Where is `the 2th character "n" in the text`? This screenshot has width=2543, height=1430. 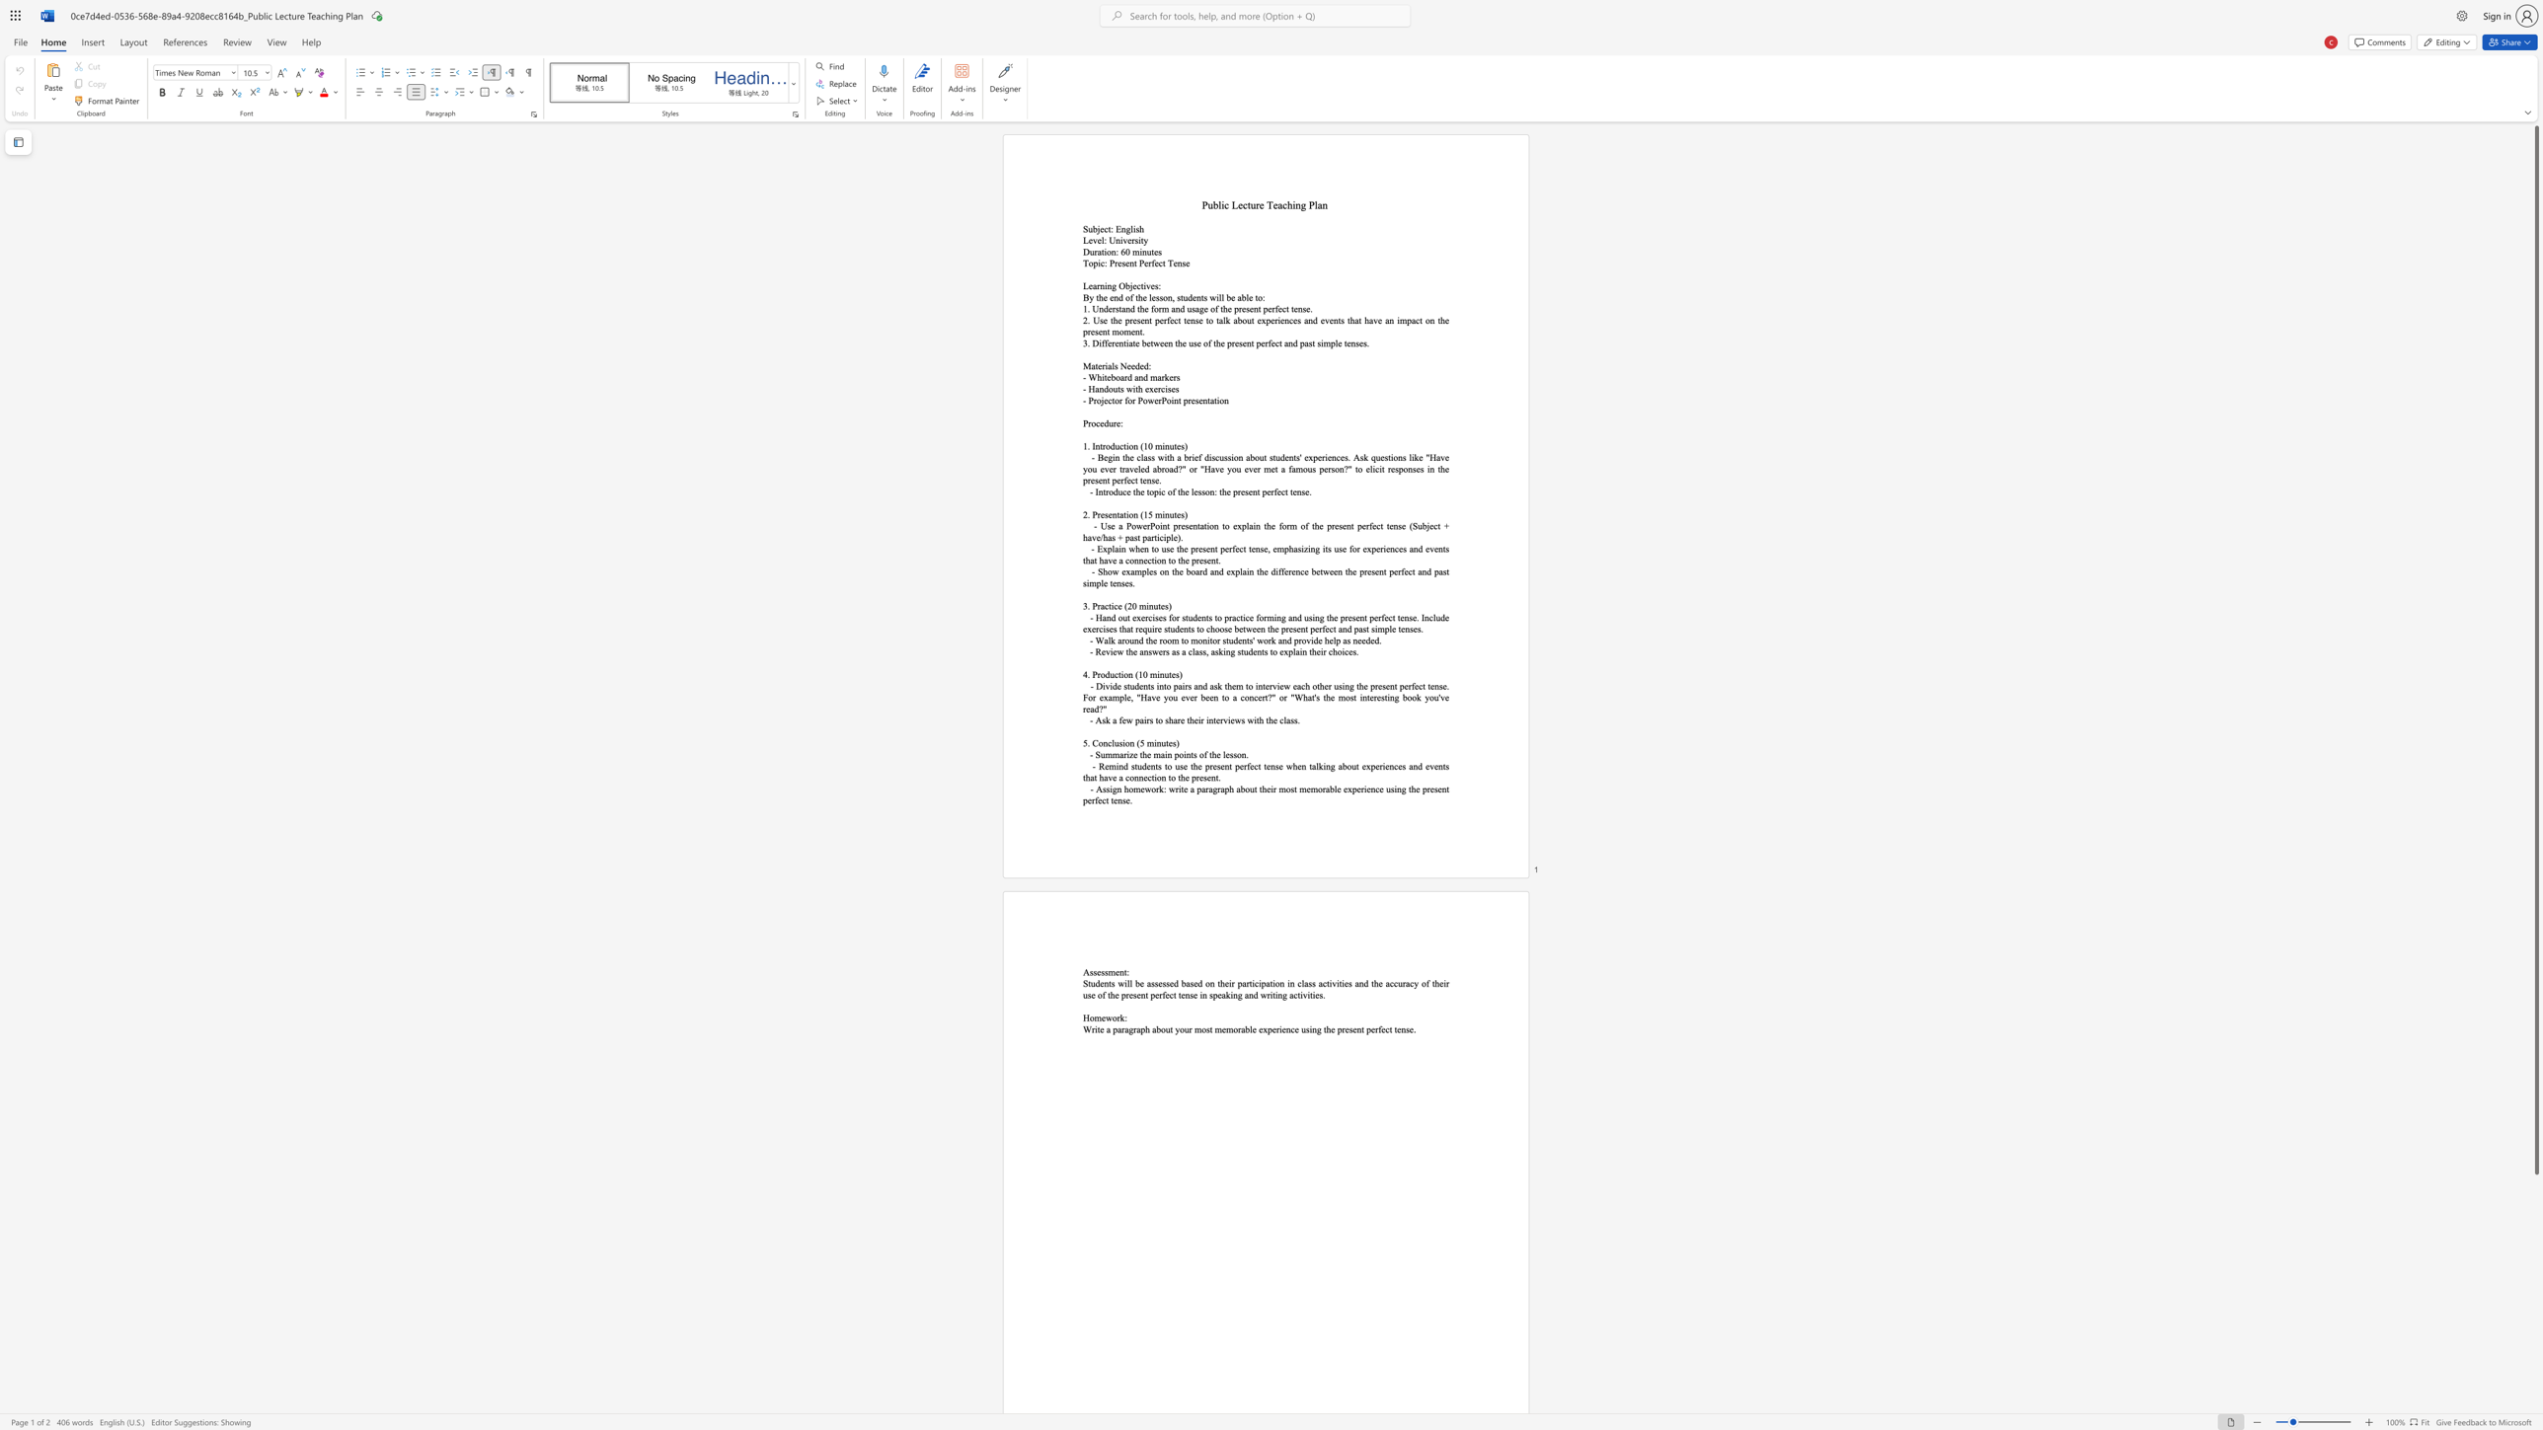 the 2th character "n" in the text is located at coordinates (1211, 490).